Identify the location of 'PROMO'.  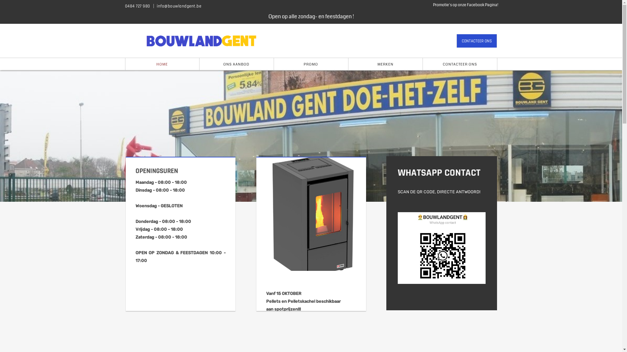
(274, 64).